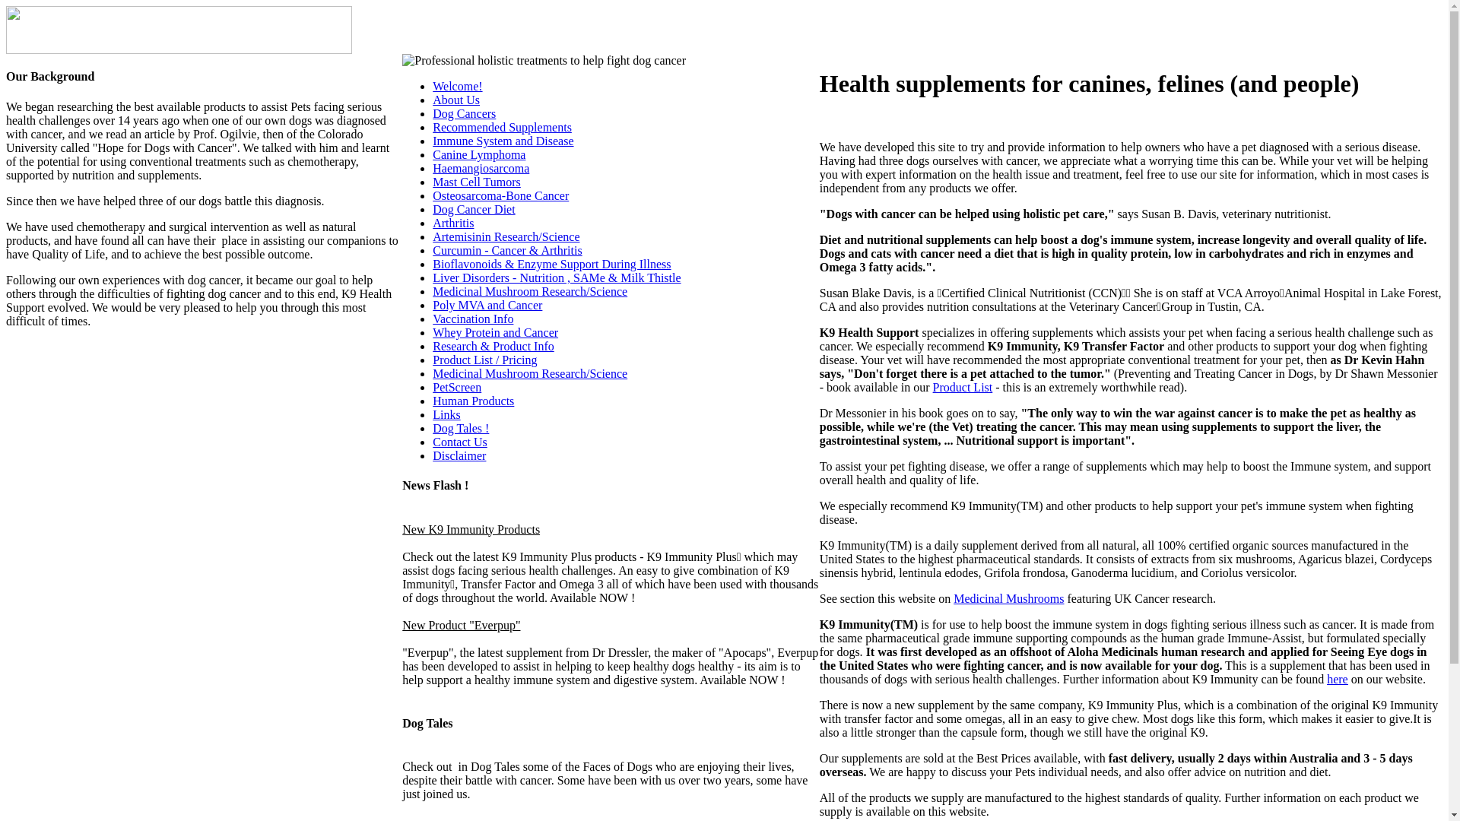  I want to click on 'PetScreen', so click(455, 386).